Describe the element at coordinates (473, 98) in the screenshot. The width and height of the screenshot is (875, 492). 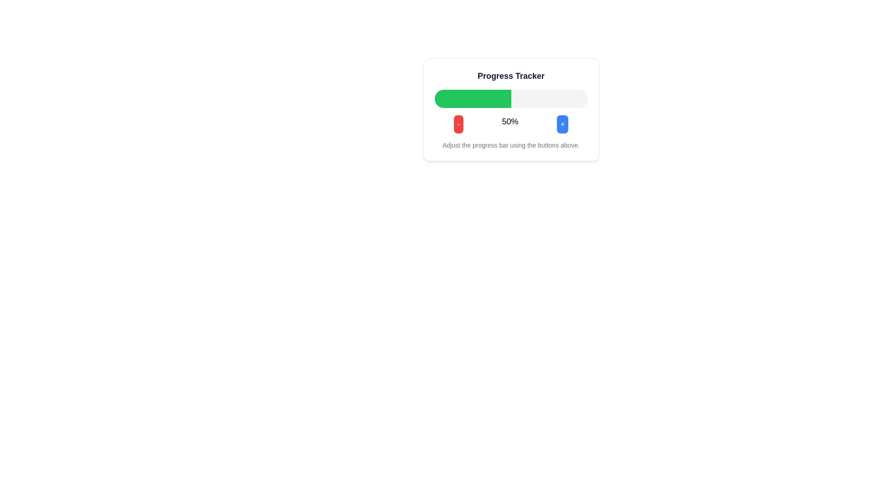
I see `the green, rounded rectangle segment of the Progress Tracker dashboard's progress bar to interact with it` at that location.